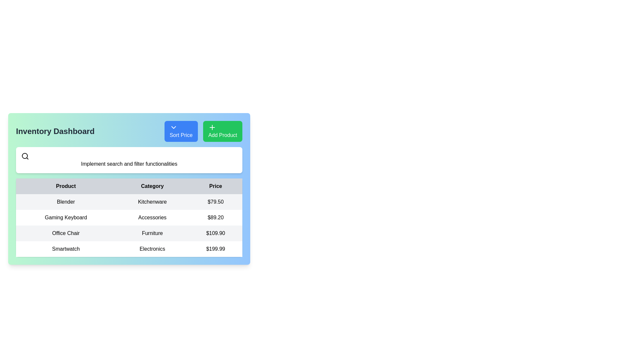  What do you see at coordinates (25, 156) in the screenshot?
I see `the magnifying glass icon, which is styled with a circular lens and a diagonal handle, located to the left of the text 'Implement search and filter functionalities'` at bounding box center [25, 156].